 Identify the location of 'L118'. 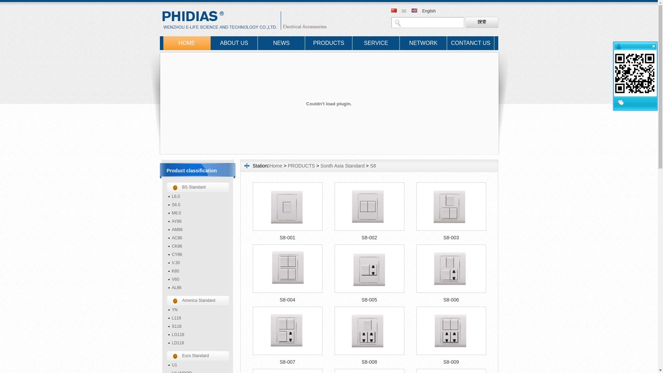
(198, 318).